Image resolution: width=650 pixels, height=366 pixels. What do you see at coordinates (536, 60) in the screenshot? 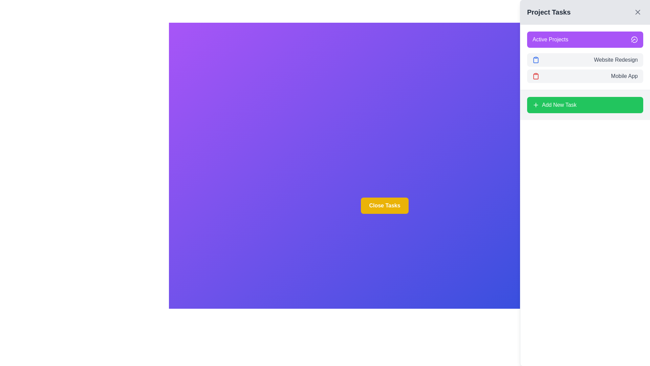
I see `the clipboard icon located in the 'Project Tasks' sidebar, specifically next to the 'Website Redesign' task` at bounding box center [536, 60].